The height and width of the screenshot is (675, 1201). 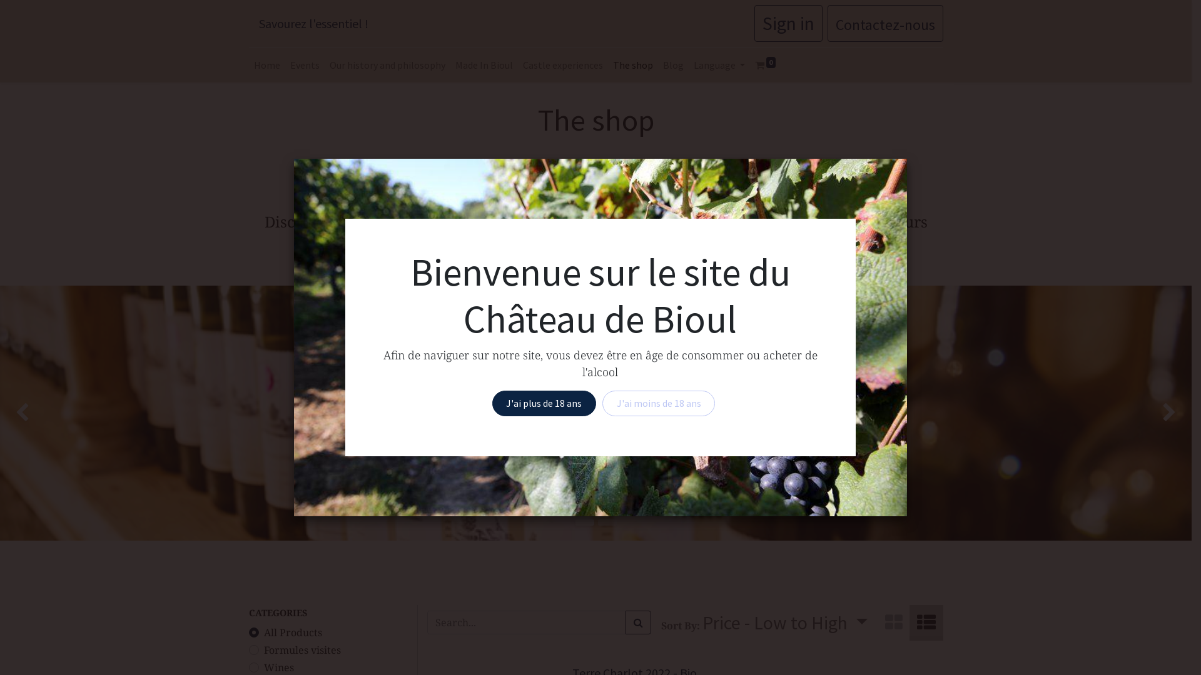 I want to click on 'Language', so click(x=687, y=65).